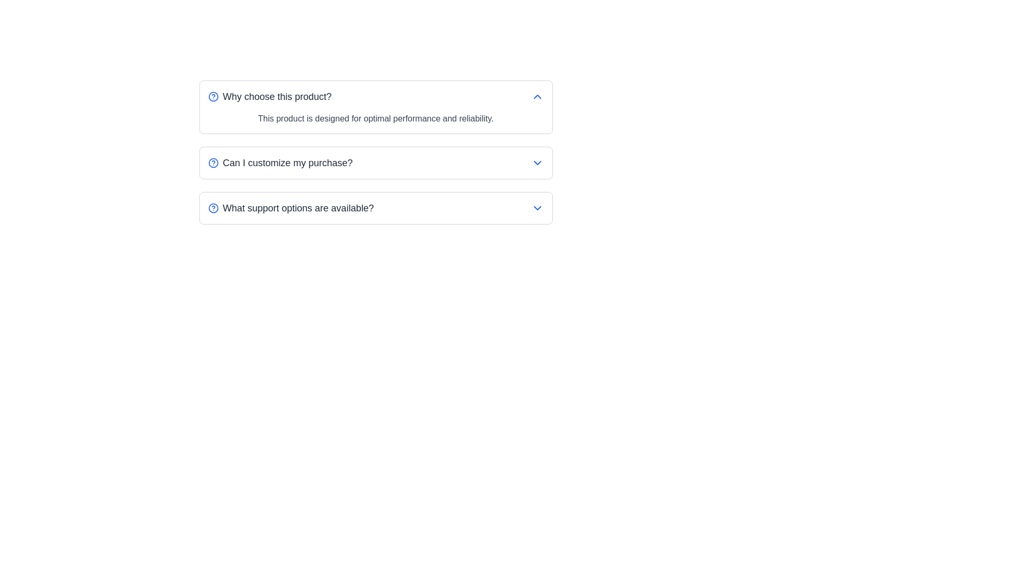 Image resolution: width=1010 pixels, height=568 pixels. What do you see at coordinates (288, 163) in the screenshot?
I see `the text label that reads 'Can I customize my purchase?' which is styled in dark gray and presented in a larger font size, indicating it is a prominent question in a vertically stacked list of interactive sections` at bounding box center [288, 163].